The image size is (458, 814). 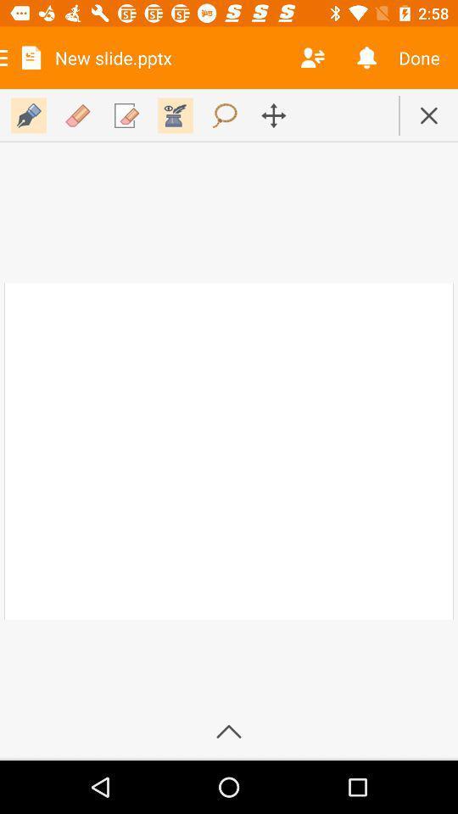 What do you see at coordinates (225, 114) in the screenshot?
I see `the chat icon` at bounding box center [225, 114].